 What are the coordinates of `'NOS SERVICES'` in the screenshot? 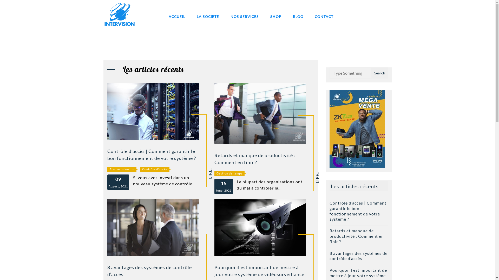 It's located at (244, 16).